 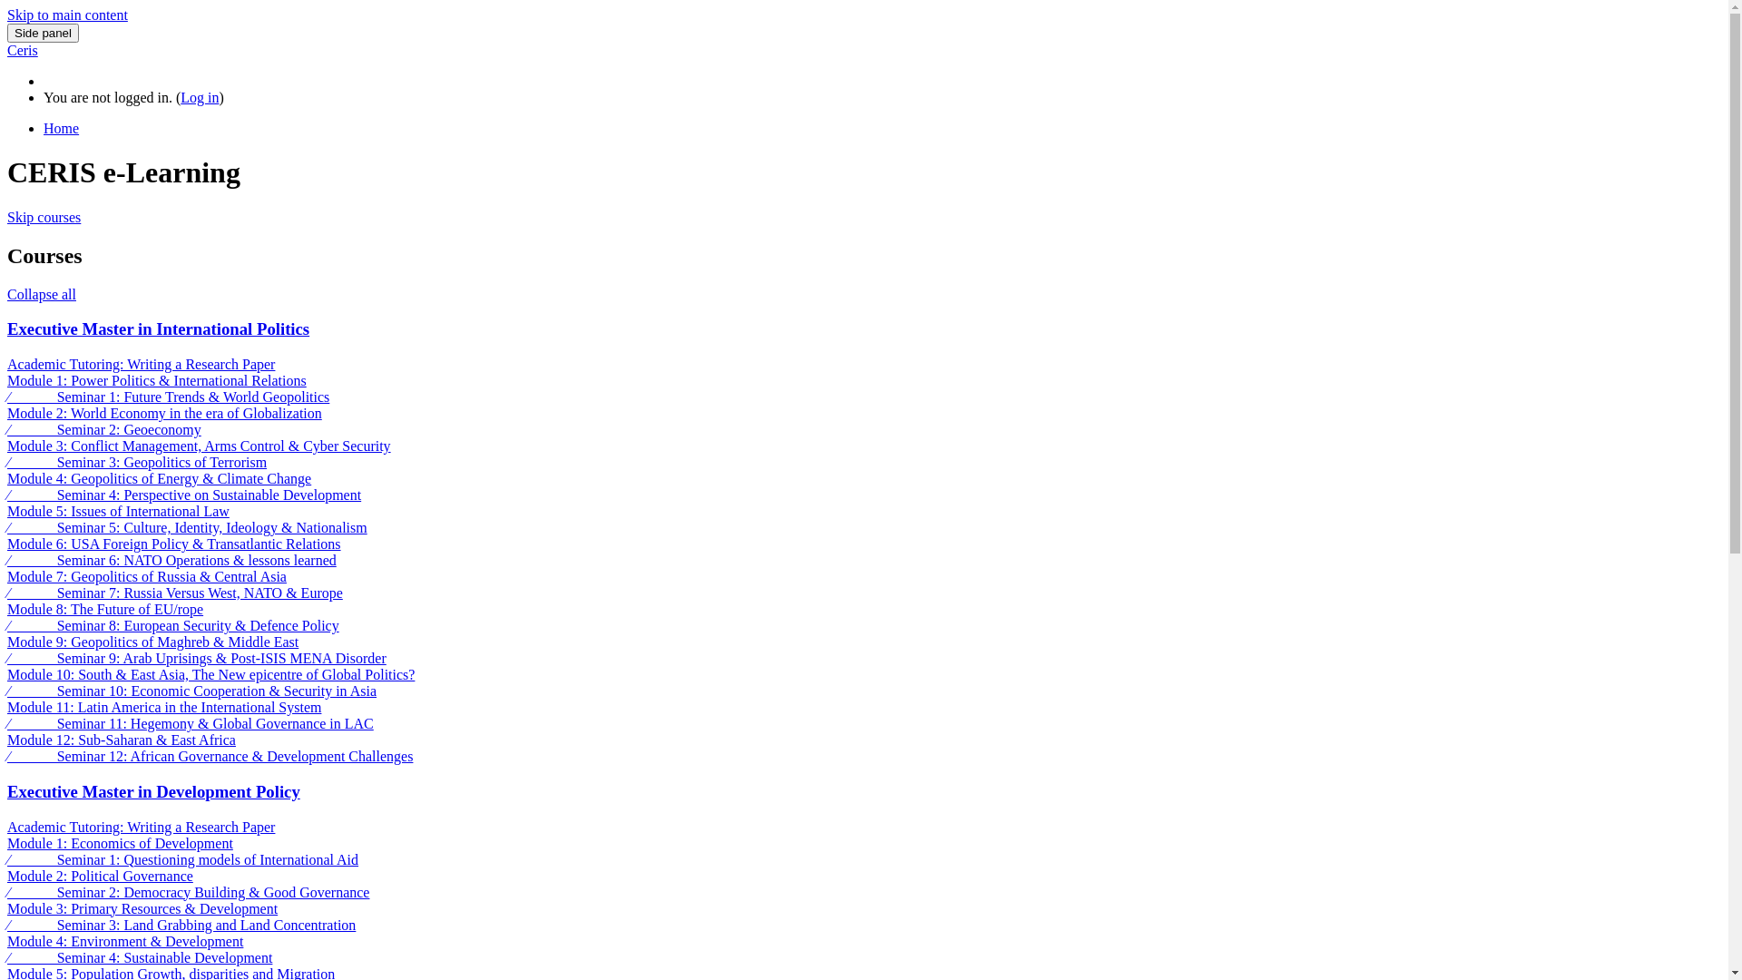 I want to click on 'Module 3: Conflict Management, Arms Control & Cyber Security', so click(x=199, y=446).